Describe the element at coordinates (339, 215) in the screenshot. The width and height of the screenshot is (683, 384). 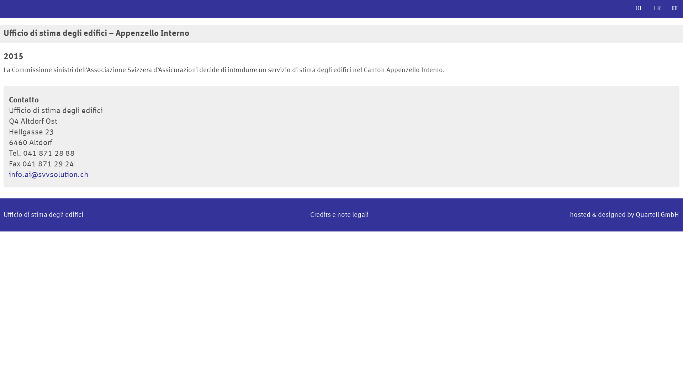
I see `'Credits e note legali'` at that location.